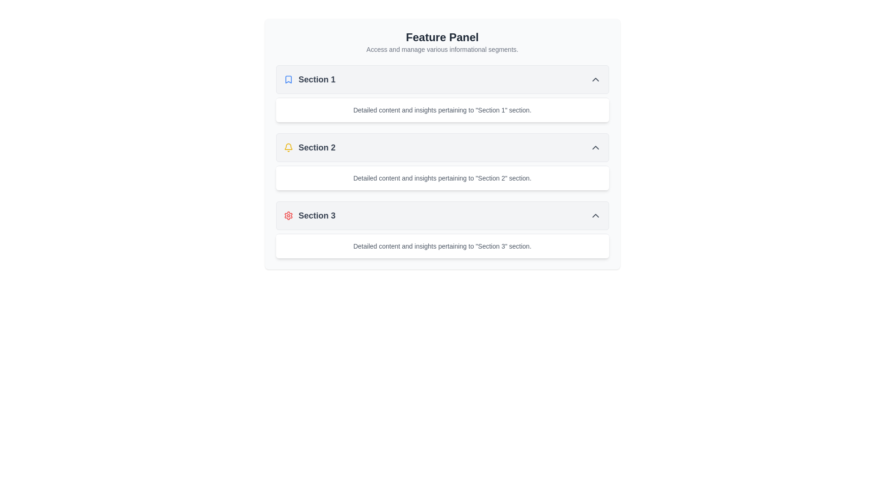 Image resolution: width=888 pixels, height=500 pixels. What do you see at coordinates (595, 79) in the screenshot?
I see `the upward-pointing chevron button in the top-right corner of the 'Section 1' card` at bounding box center [595, 79].